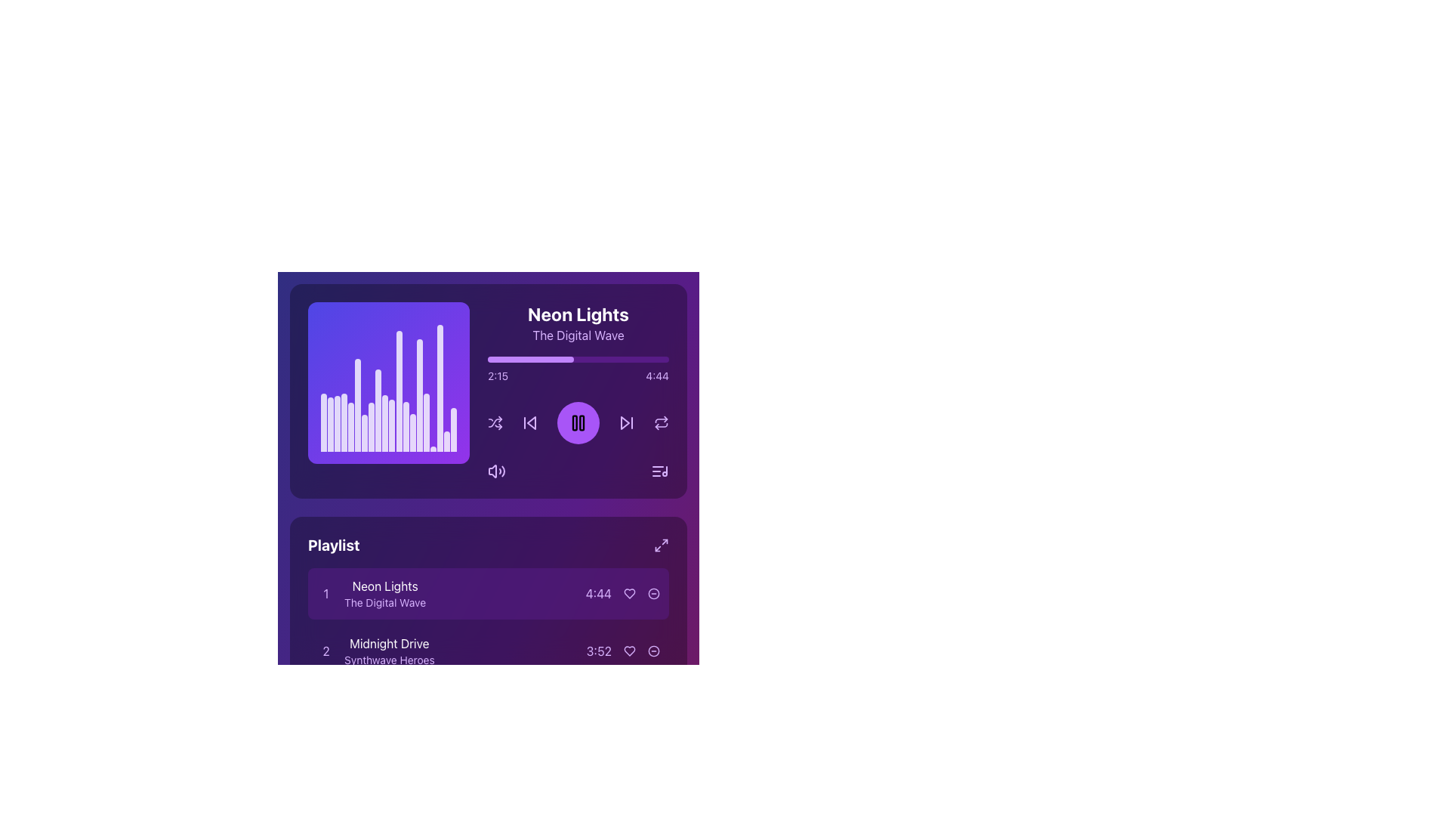 This screenshot has height=816, width=1450. I want to click on the circular purple button with a black pause icon in its center, so click(578, 422).